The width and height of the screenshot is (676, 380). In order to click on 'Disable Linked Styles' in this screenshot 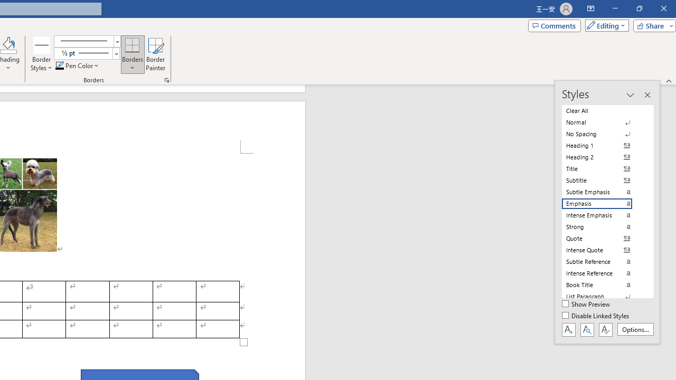, I will do `click(596, 316)`.